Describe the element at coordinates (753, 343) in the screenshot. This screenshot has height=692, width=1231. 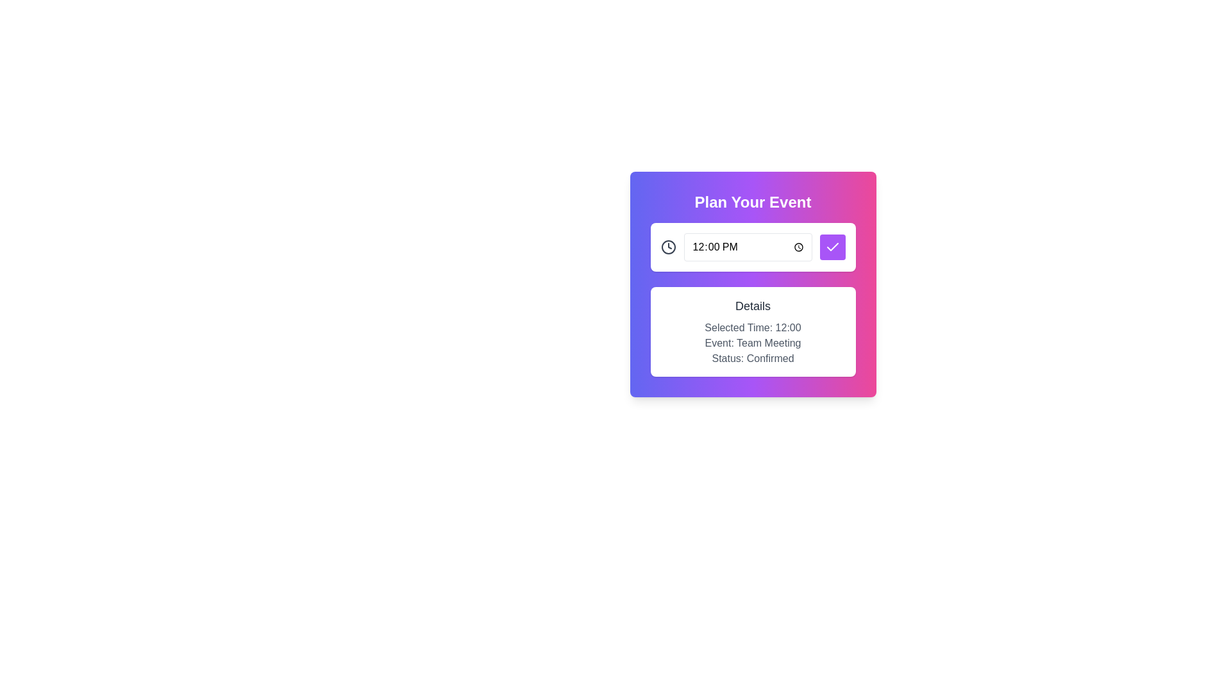
I see `the static text element displaying 'Event: Team Meeting', located in the details section of the card interface, positioned between 'Selected Time: 12:00' and 'Status: Confirmed'` at that location.